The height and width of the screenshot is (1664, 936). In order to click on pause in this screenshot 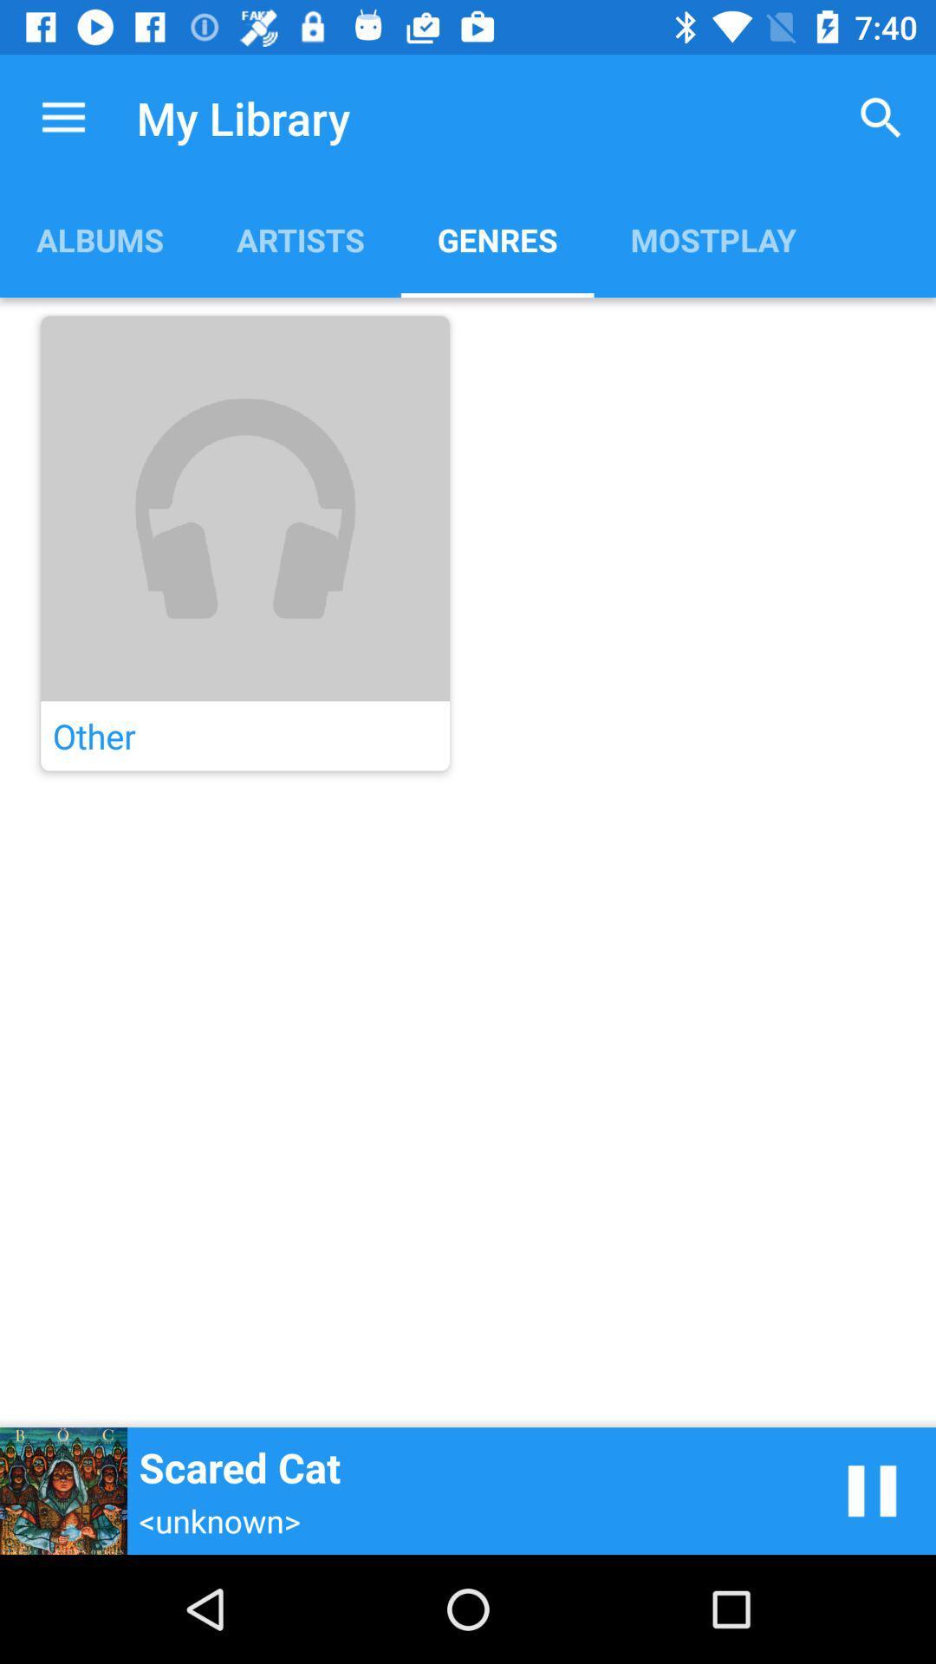, I will do `click(872, 1490)`.